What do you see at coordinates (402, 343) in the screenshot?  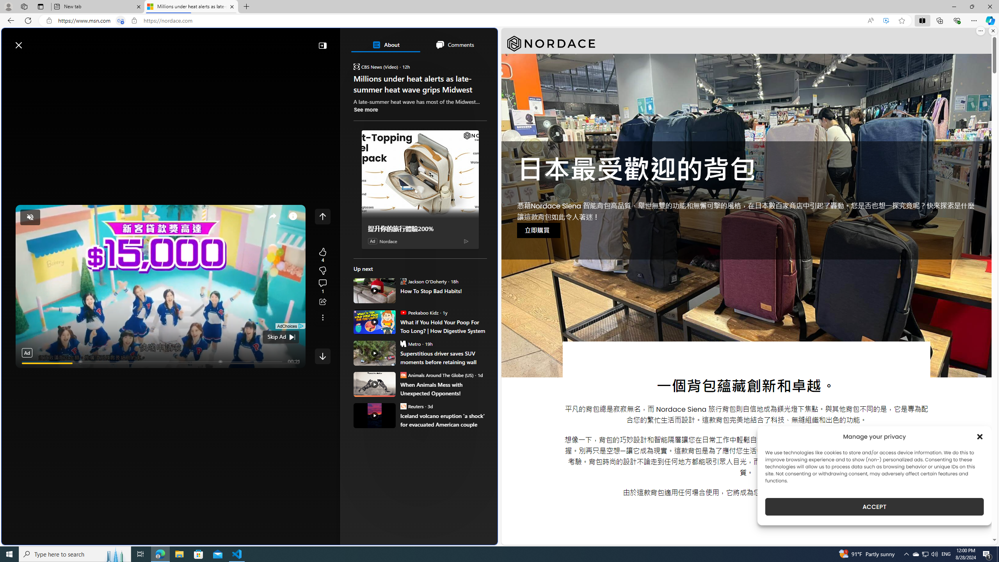 I see `'Metro'` at bounding box center [402, 343].